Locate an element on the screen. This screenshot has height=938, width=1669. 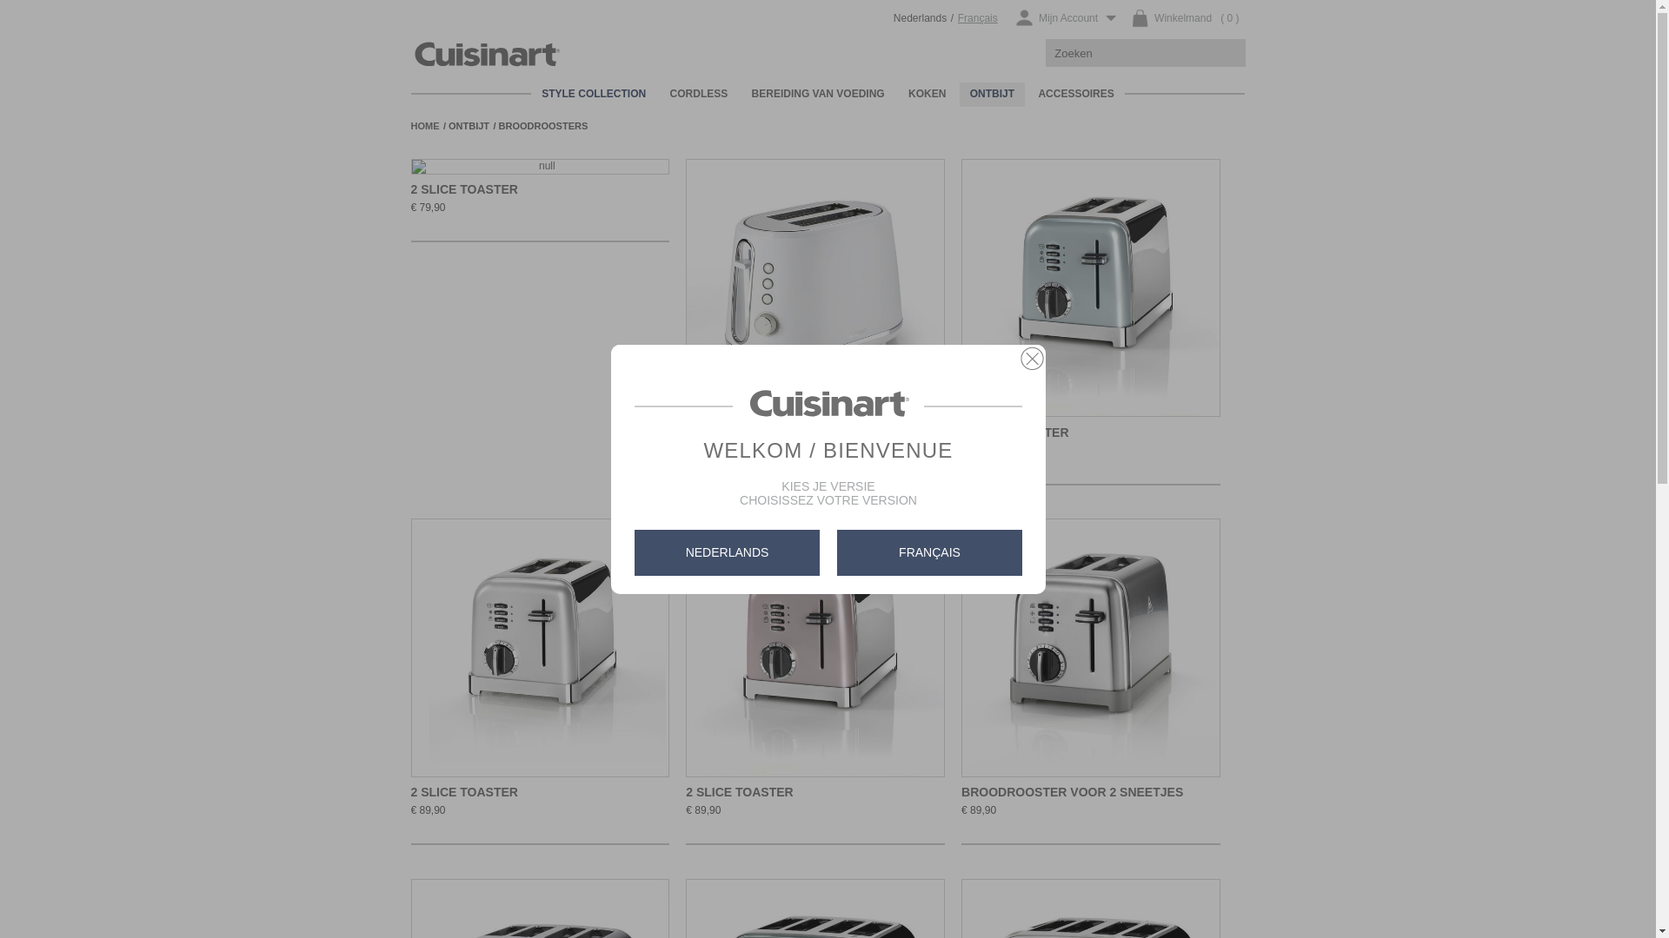
'Ga naar het product: Broodrooster voor 2 sneetjes' is located at coordinates (1089, 647).